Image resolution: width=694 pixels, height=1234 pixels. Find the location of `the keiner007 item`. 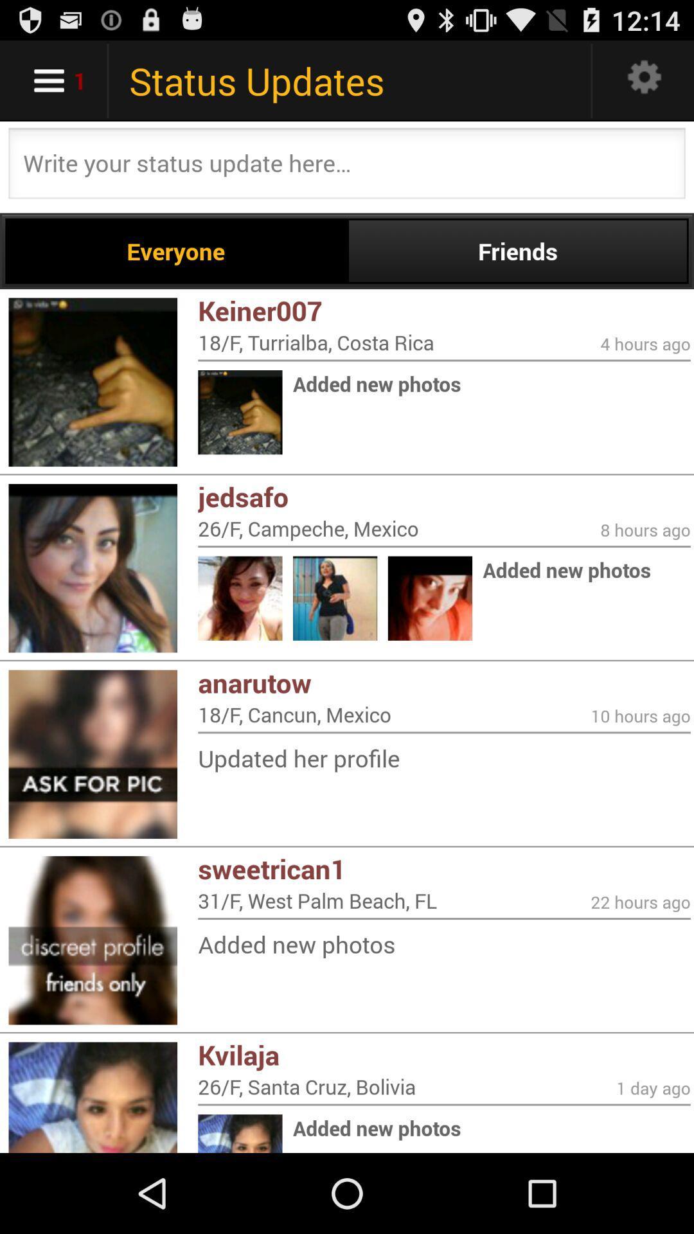

the keiner007 item is located at coordinates (443, 310).